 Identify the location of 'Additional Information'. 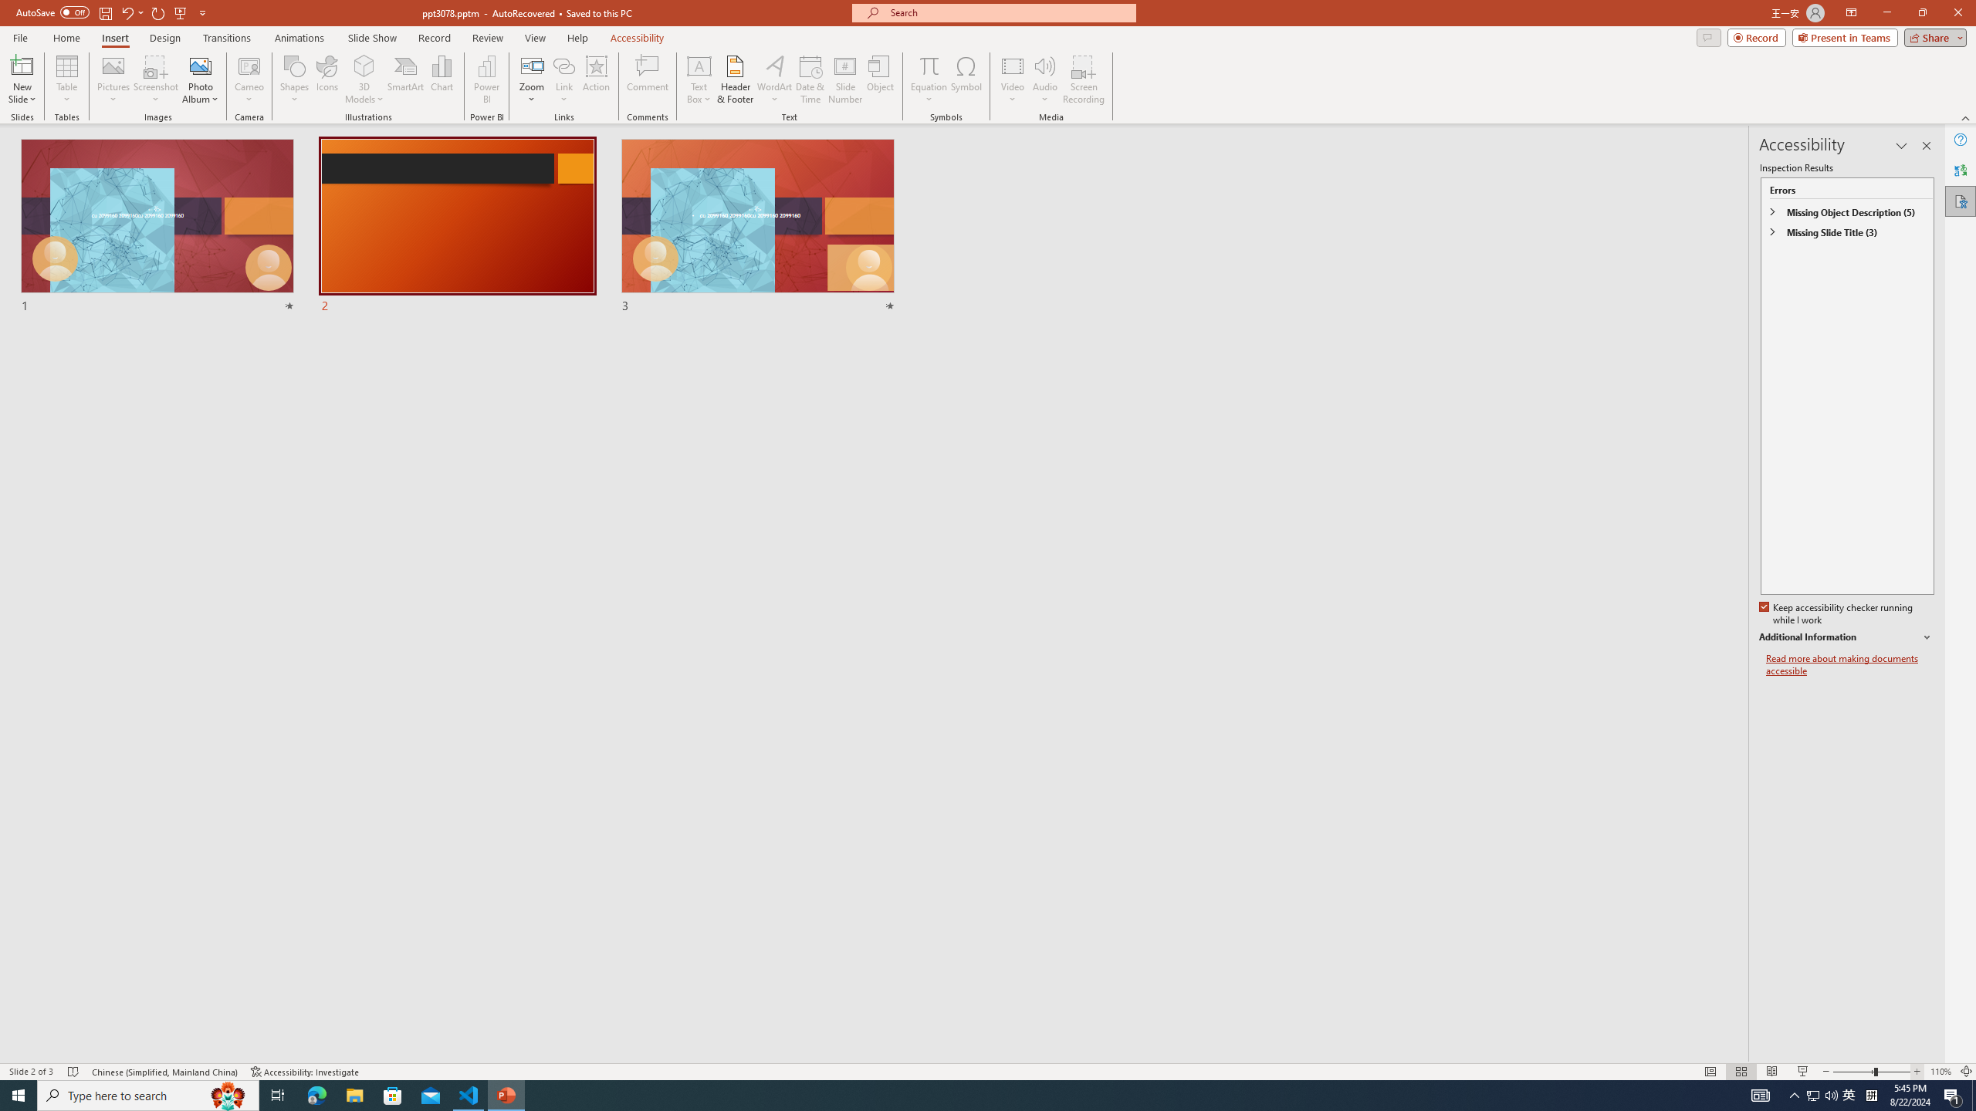
(1846, 637).